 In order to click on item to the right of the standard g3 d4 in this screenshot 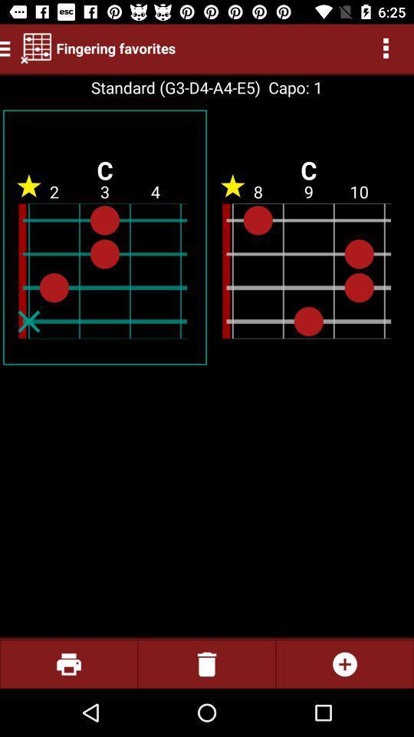, I will do `click(291, 88)`.